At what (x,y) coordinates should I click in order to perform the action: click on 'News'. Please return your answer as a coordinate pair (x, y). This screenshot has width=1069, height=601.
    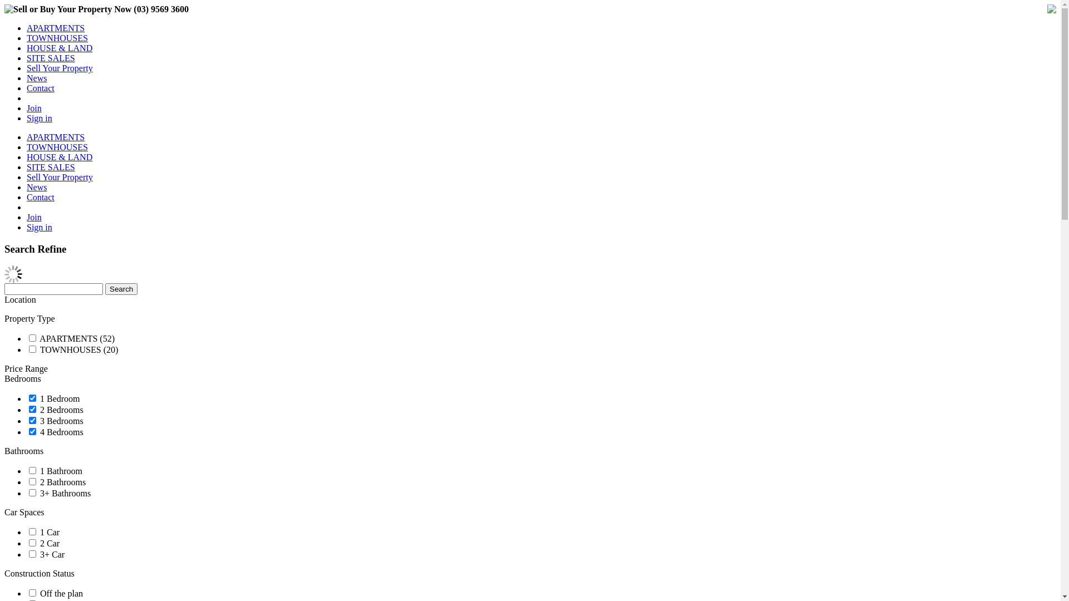
    Looking at the image, I should click on (37, 186).